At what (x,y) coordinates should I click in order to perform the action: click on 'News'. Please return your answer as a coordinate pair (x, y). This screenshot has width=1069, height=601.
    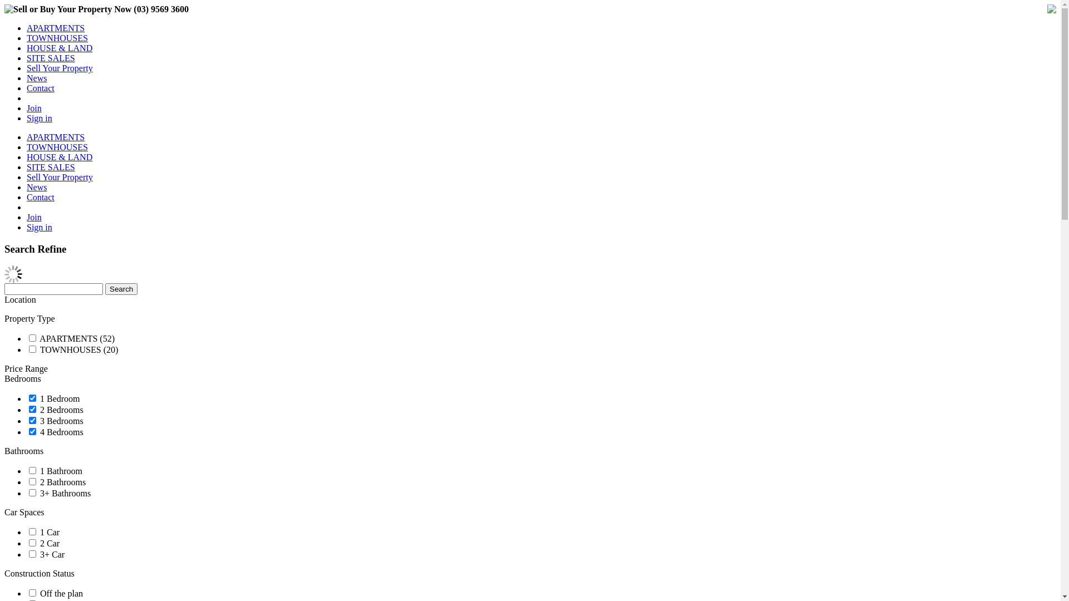
    Looking at the image, I should click on (37, 186).